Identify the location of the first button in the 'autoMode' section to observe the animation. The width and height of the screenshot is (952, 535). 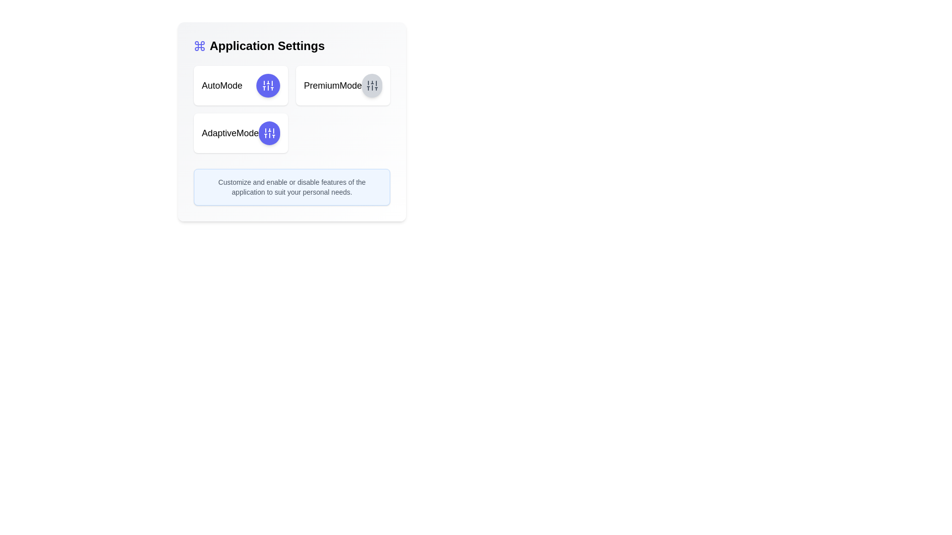
(268, 85).